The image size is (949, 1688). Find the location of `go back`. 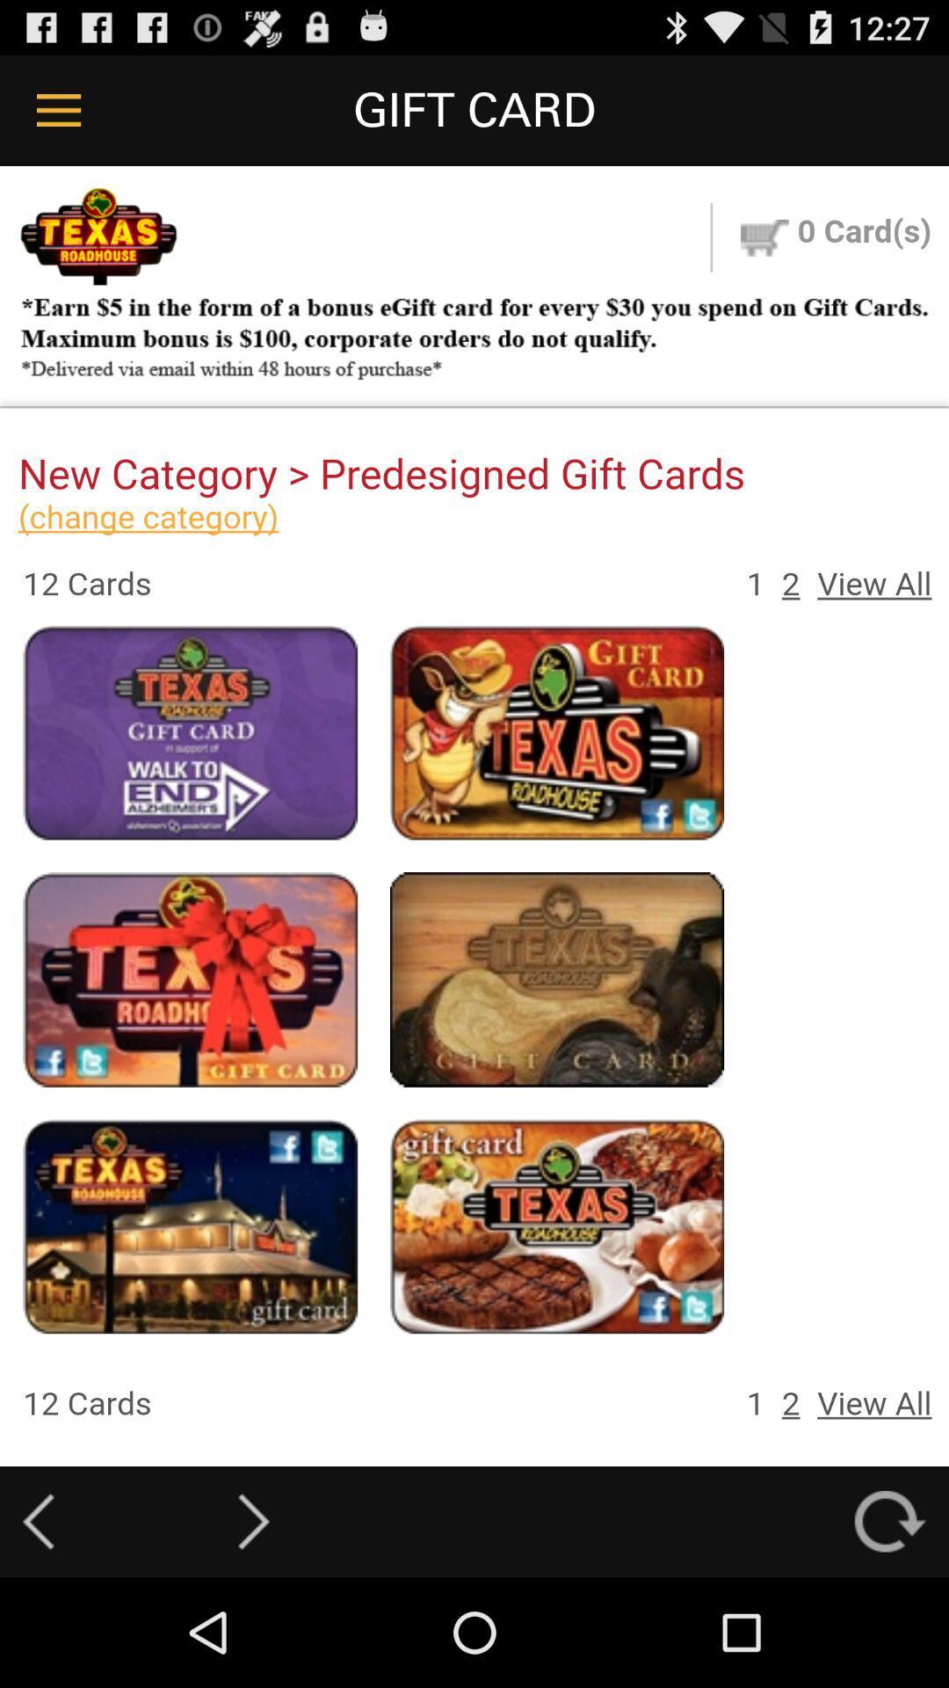

go back is located at coordinates (38, 1521).